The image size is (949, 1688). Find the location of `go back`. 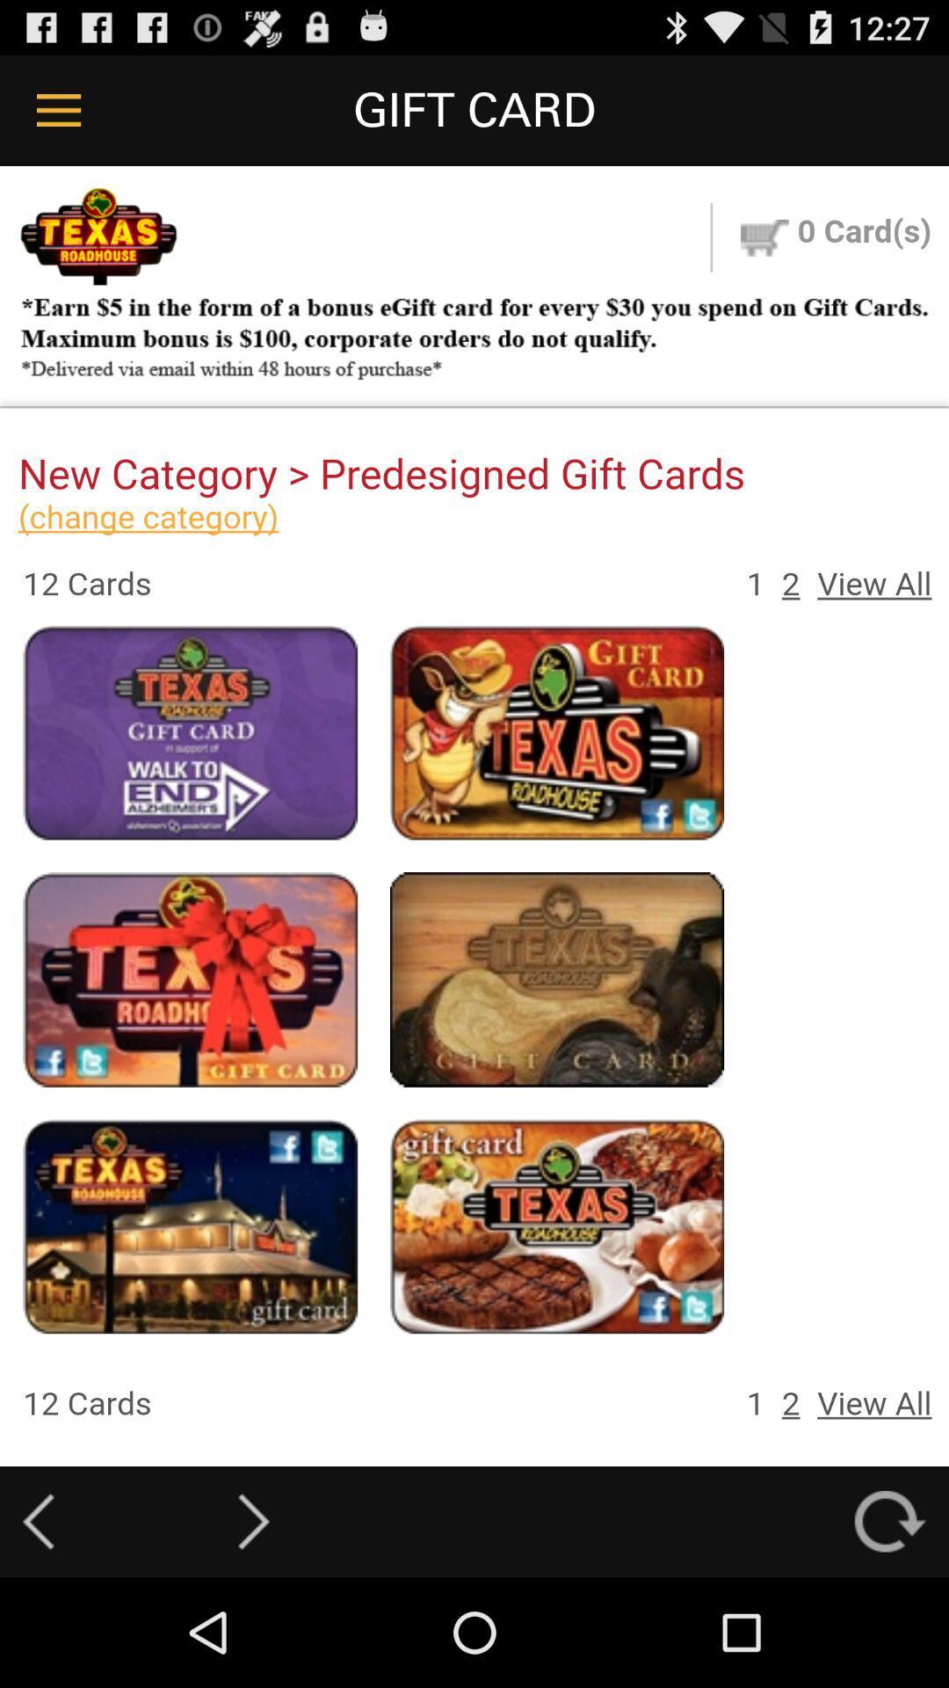

go back is located at coordinates (38, 1521).